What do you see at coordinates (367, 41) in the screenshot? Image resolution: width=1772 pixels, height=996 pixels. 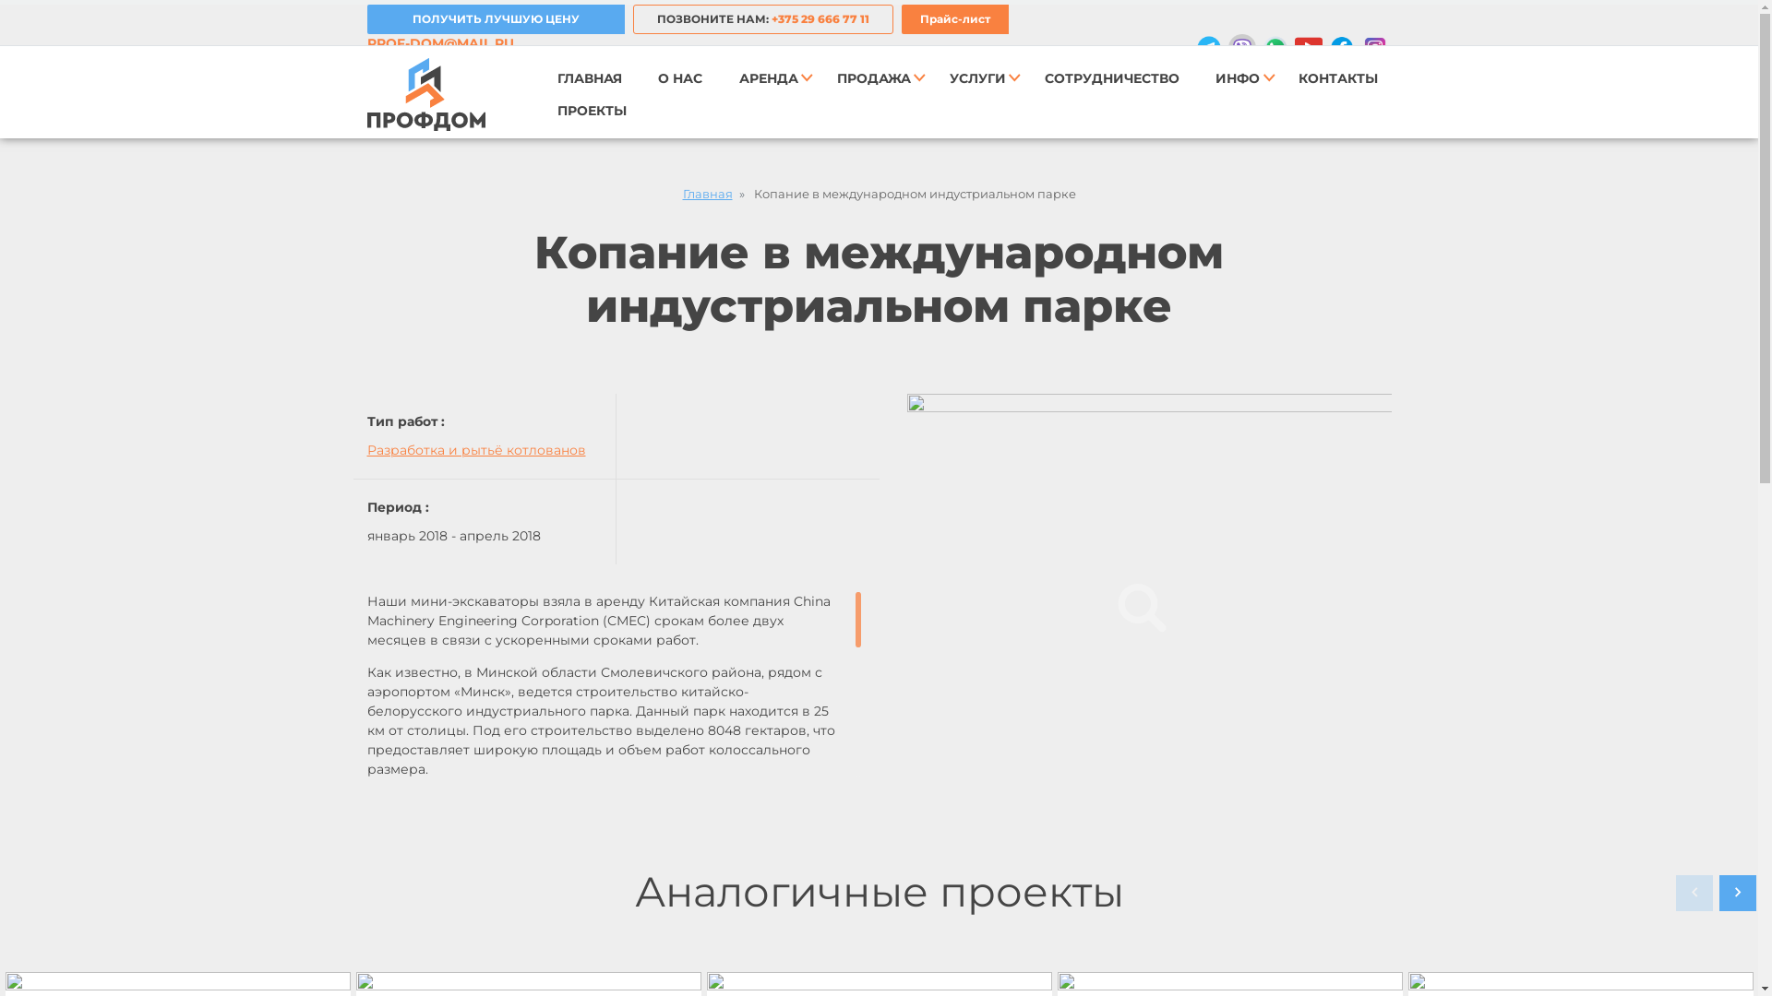 I see `'PROF-DOM@MAIL.RU'` at bounding box center [367, 41].